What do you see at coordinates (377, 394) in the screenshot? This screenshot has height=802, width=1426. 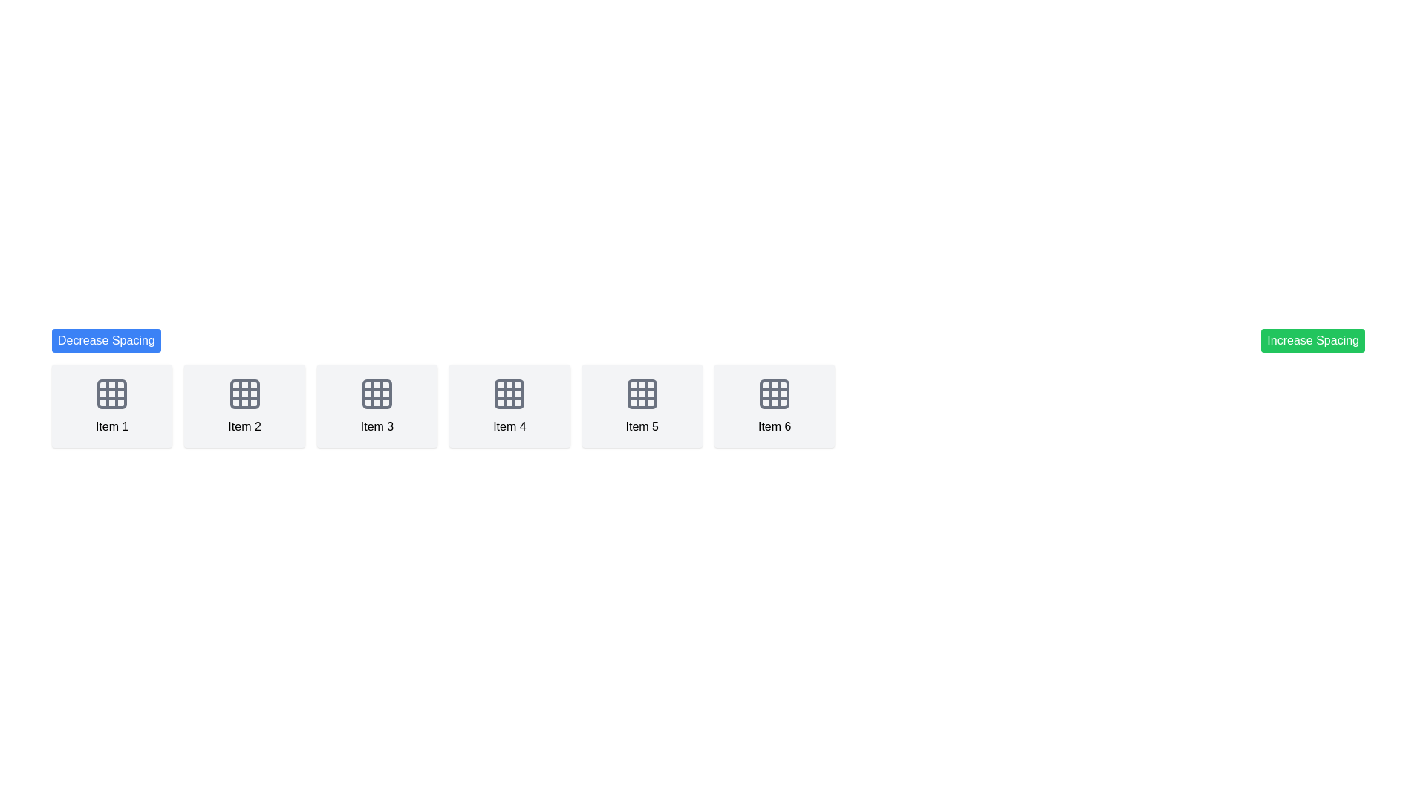 I see `the grid icon representing 'Item 3', which consists of a 3x3 matrix of smaller square cells with rounded corners and a gray color` at bounding box center [377, 394].